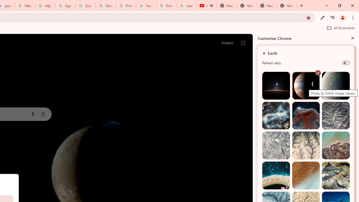  What do you see at coordinates (65, 6) in the screenshot?
I see `'Sign in - Google Accounts'` at bounding box center [65, 6].